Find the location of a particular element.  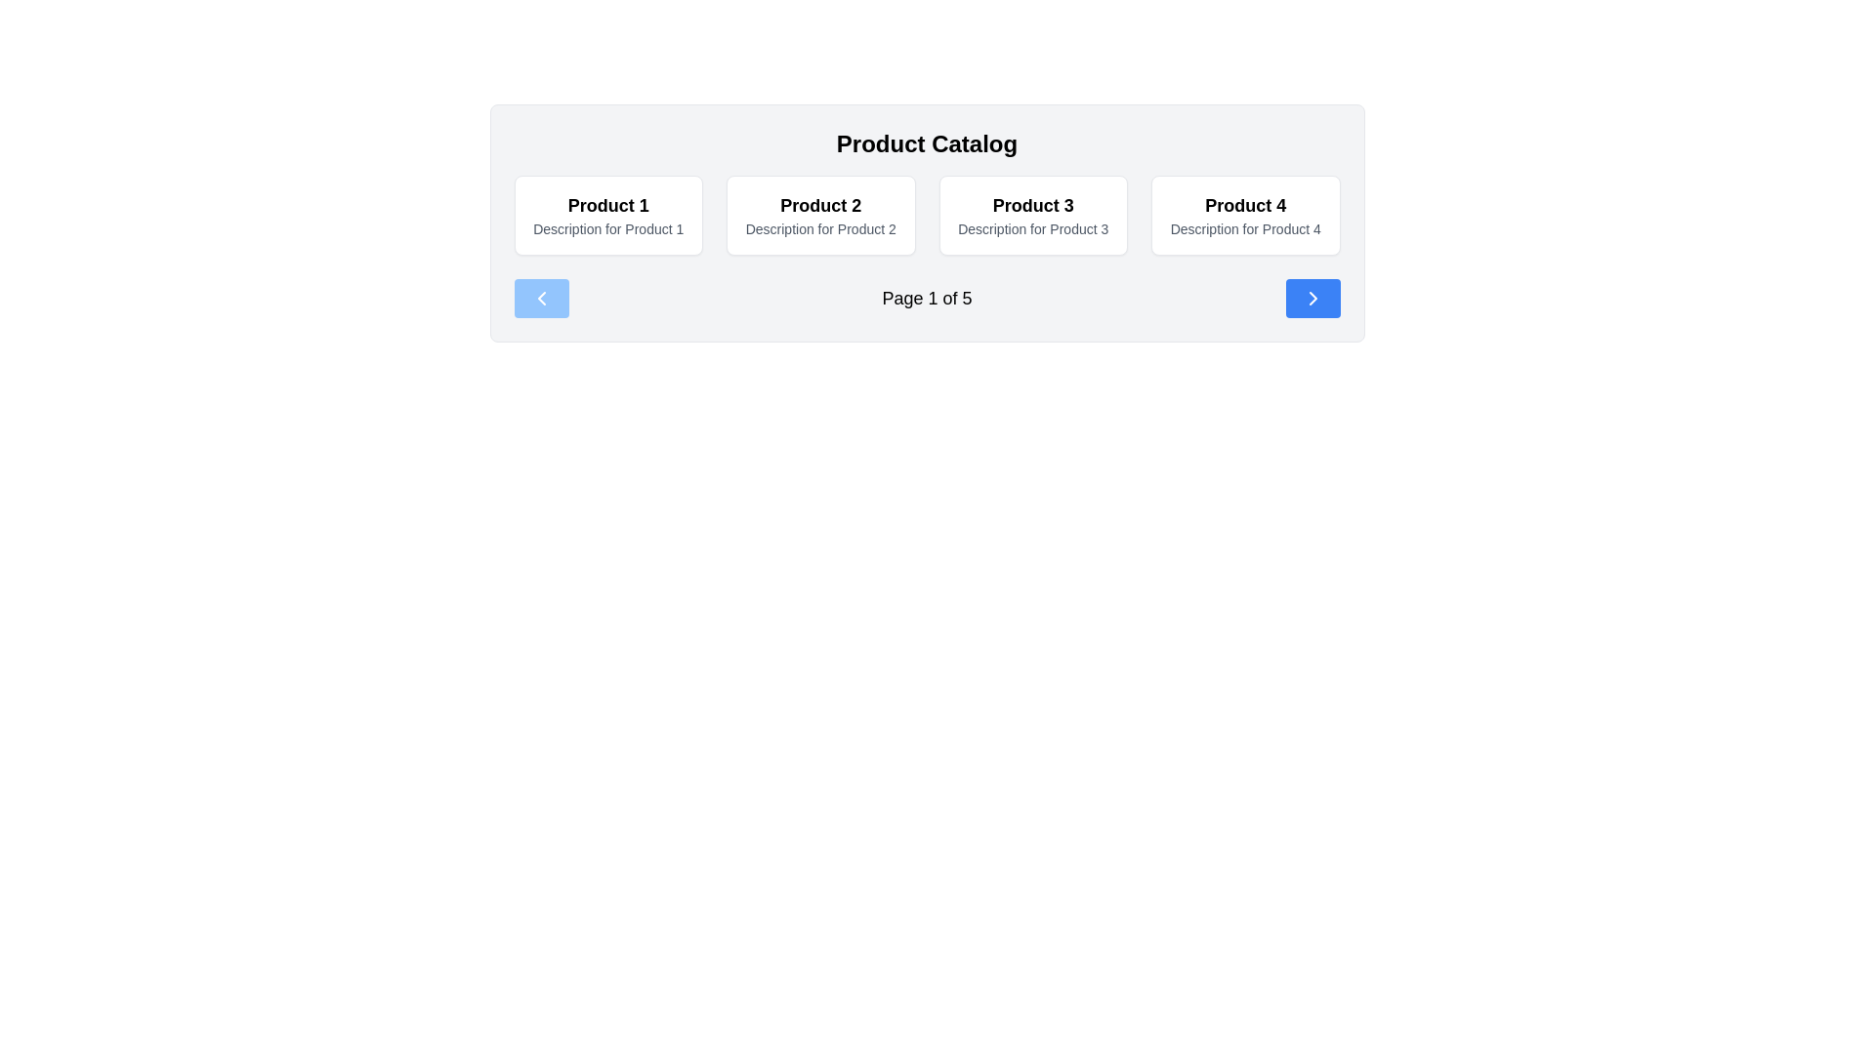

bolded text label 'Product 3' that is centered within the third product card from the left is located at coordinates (1032, 206).